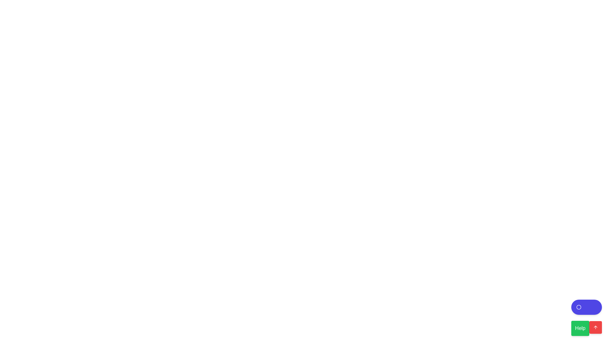  Describe the element at coordinates (595, 327) in the screenshot. I see `the upward action icon located at the bottom-right corner of the interface, adjacent to the green 'Help' button and the blue toggle switch` at that location.